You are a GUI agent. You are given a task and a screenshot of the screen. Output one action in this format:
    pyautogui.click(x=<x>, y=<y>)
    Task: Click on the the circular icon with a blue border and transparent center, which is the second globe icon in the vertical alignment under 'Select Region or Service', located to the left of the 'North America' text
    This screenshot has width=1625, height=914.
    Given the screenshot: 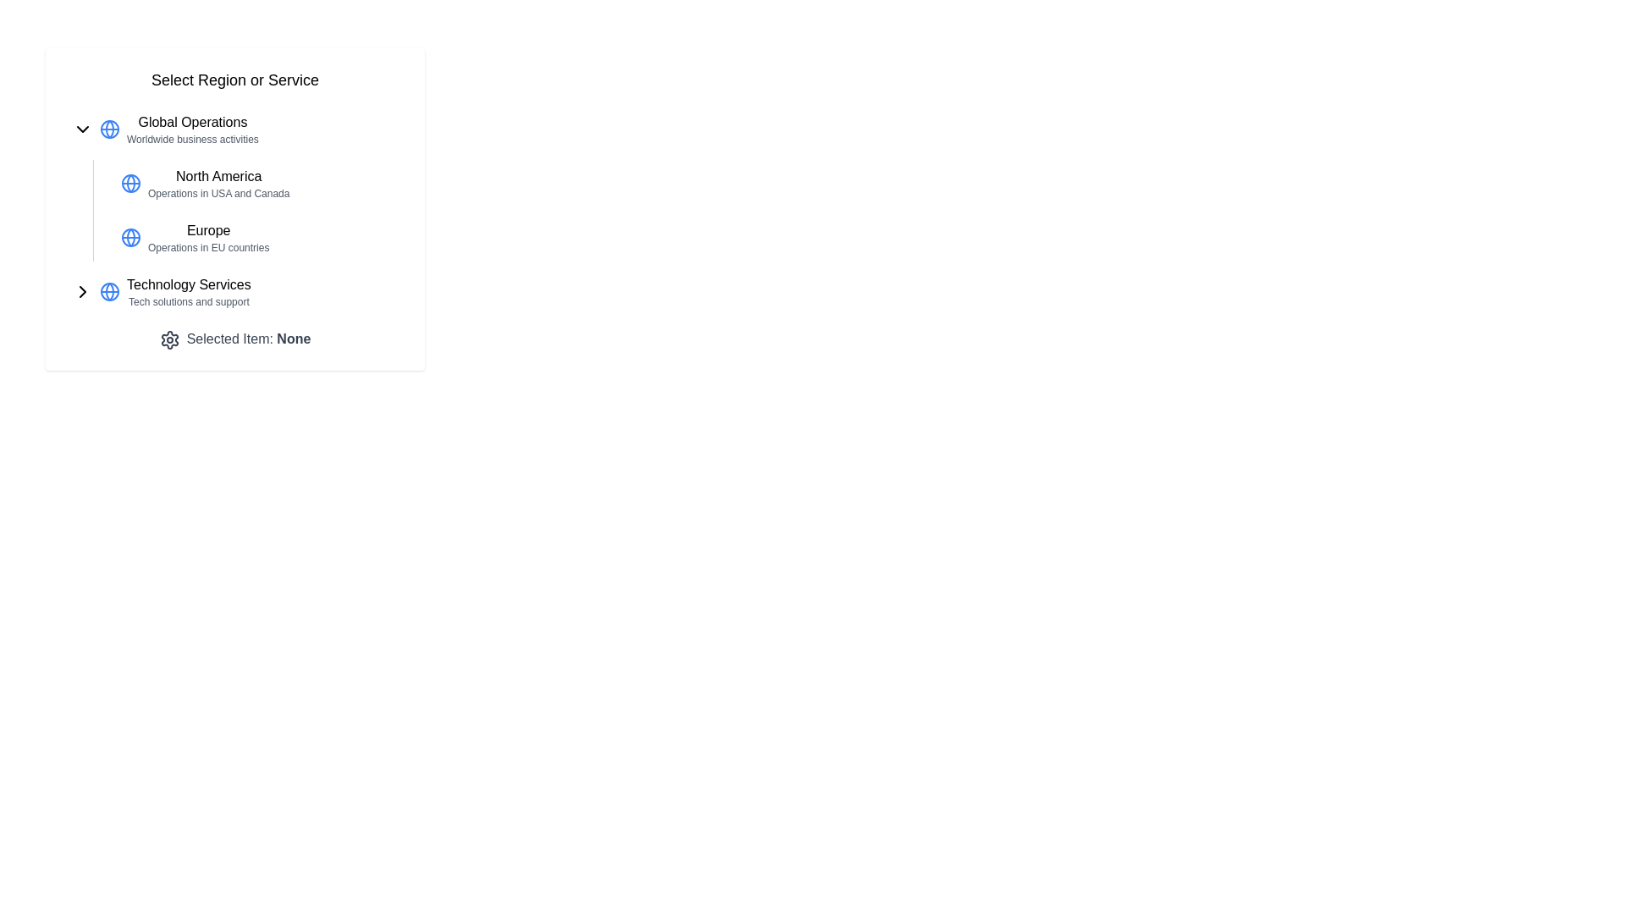 What is the action you would take?
    pyautogui.click(x=129, y=183)
    